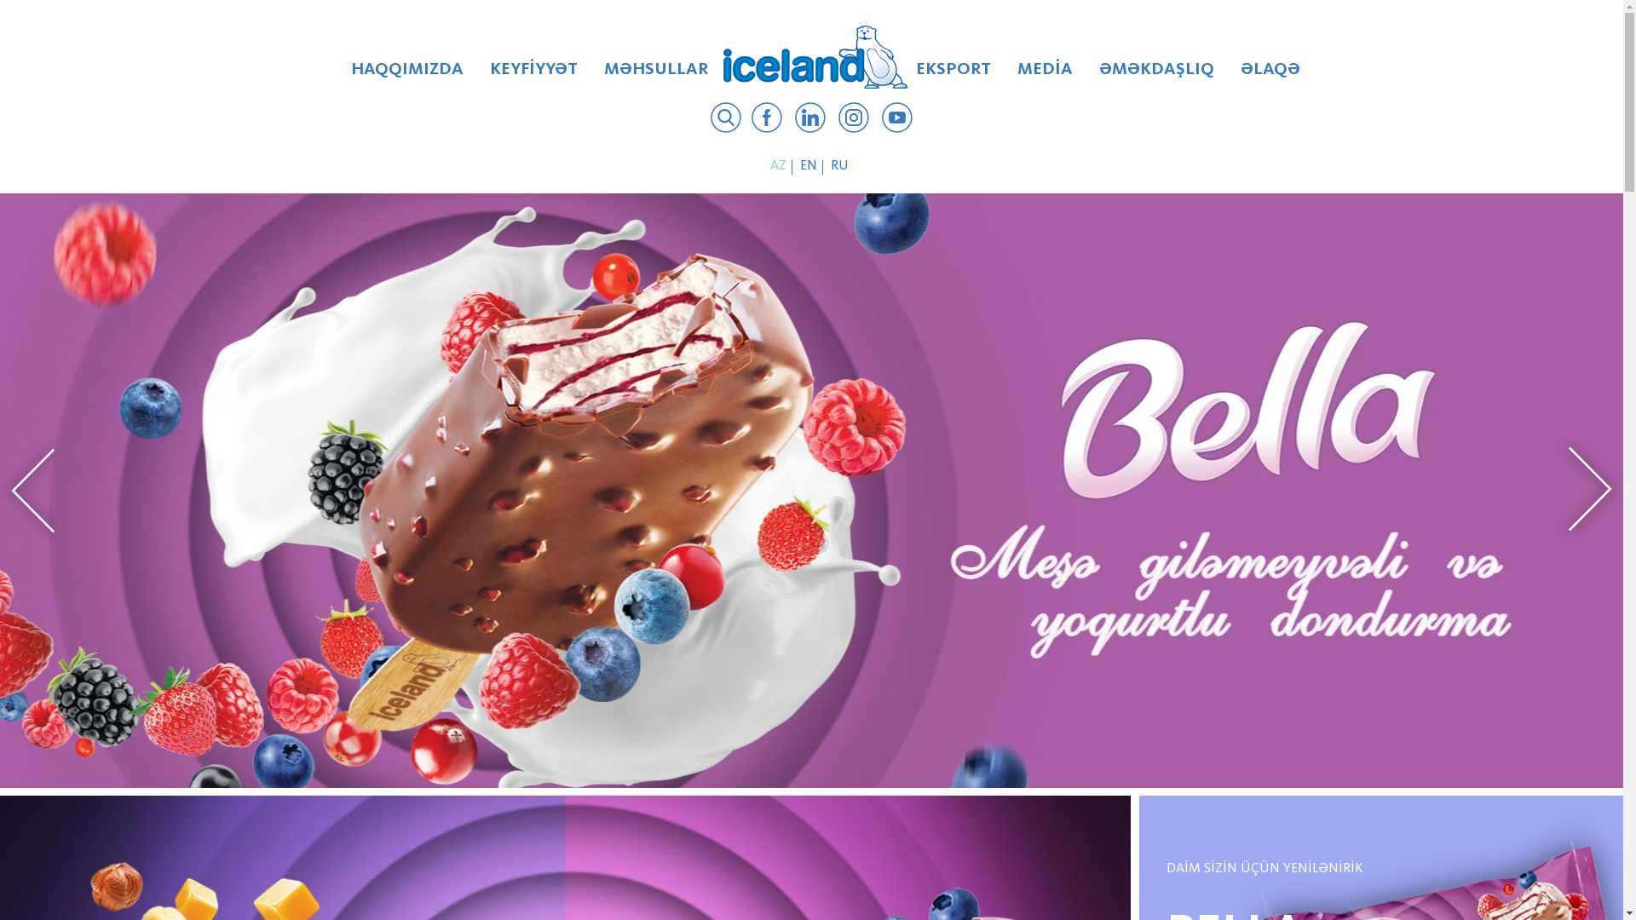 The image size is (1636, 920). I want to click on 'Instagram', so click(854, 119).